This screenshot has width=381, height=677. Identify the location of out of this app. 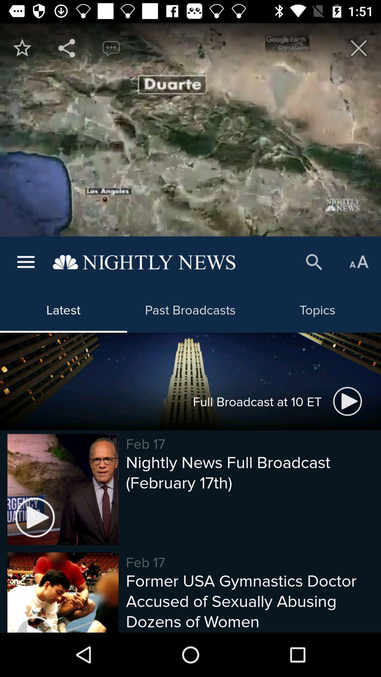
(359, 48).